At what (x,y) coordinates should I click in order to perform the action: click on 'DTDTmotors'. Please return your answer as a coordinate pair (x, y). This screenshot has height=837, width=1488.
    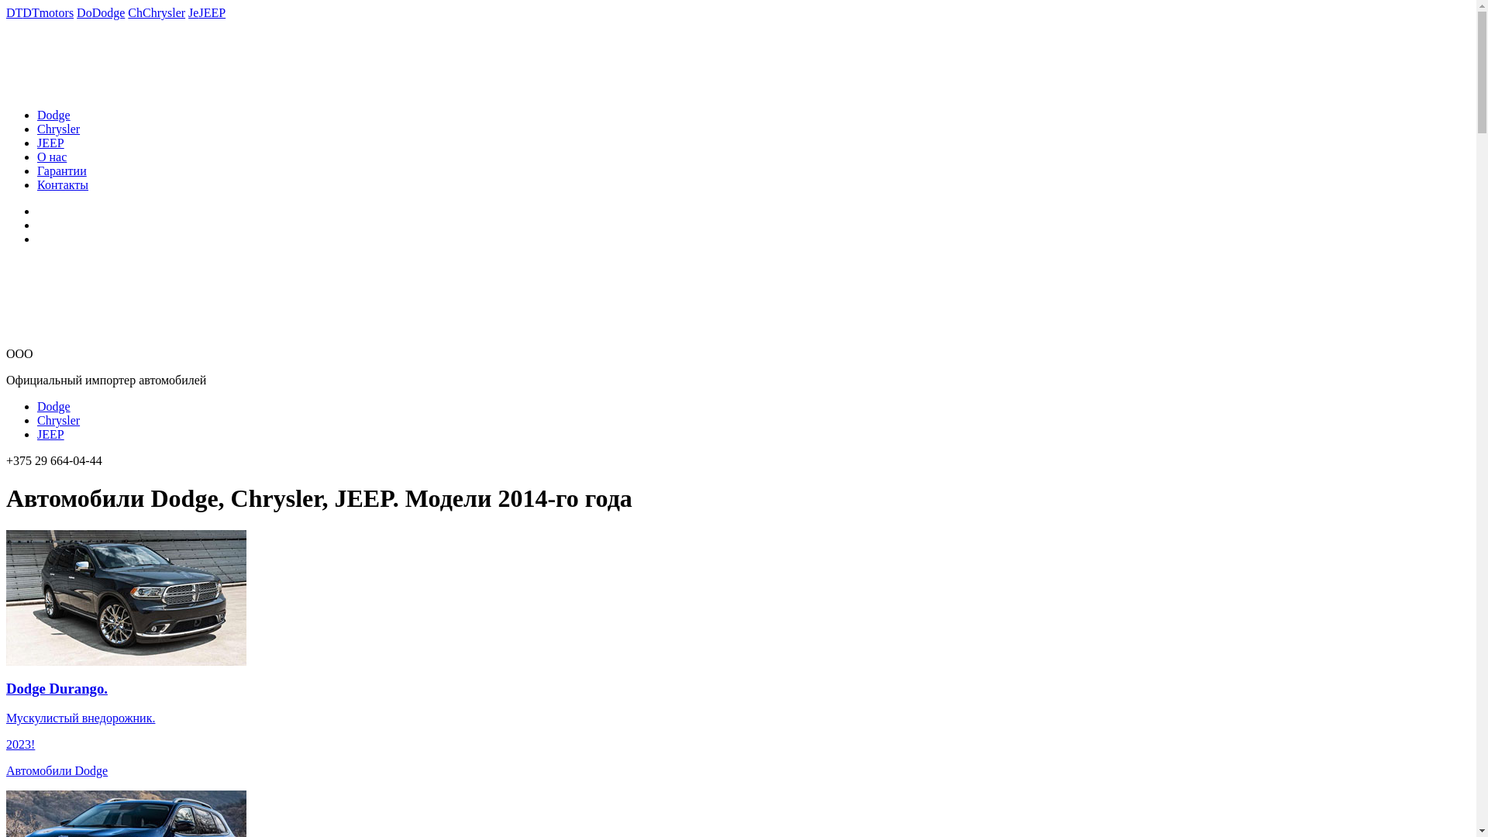
    Looking at the image, I should click on (40, 12).